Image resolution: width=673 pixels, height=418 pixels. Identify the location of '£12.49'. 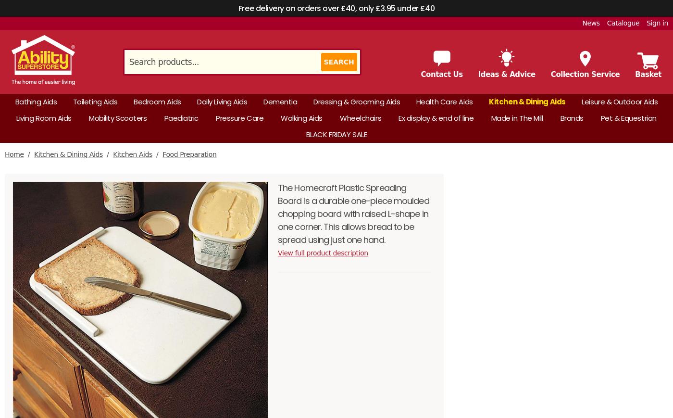
(572, 122).